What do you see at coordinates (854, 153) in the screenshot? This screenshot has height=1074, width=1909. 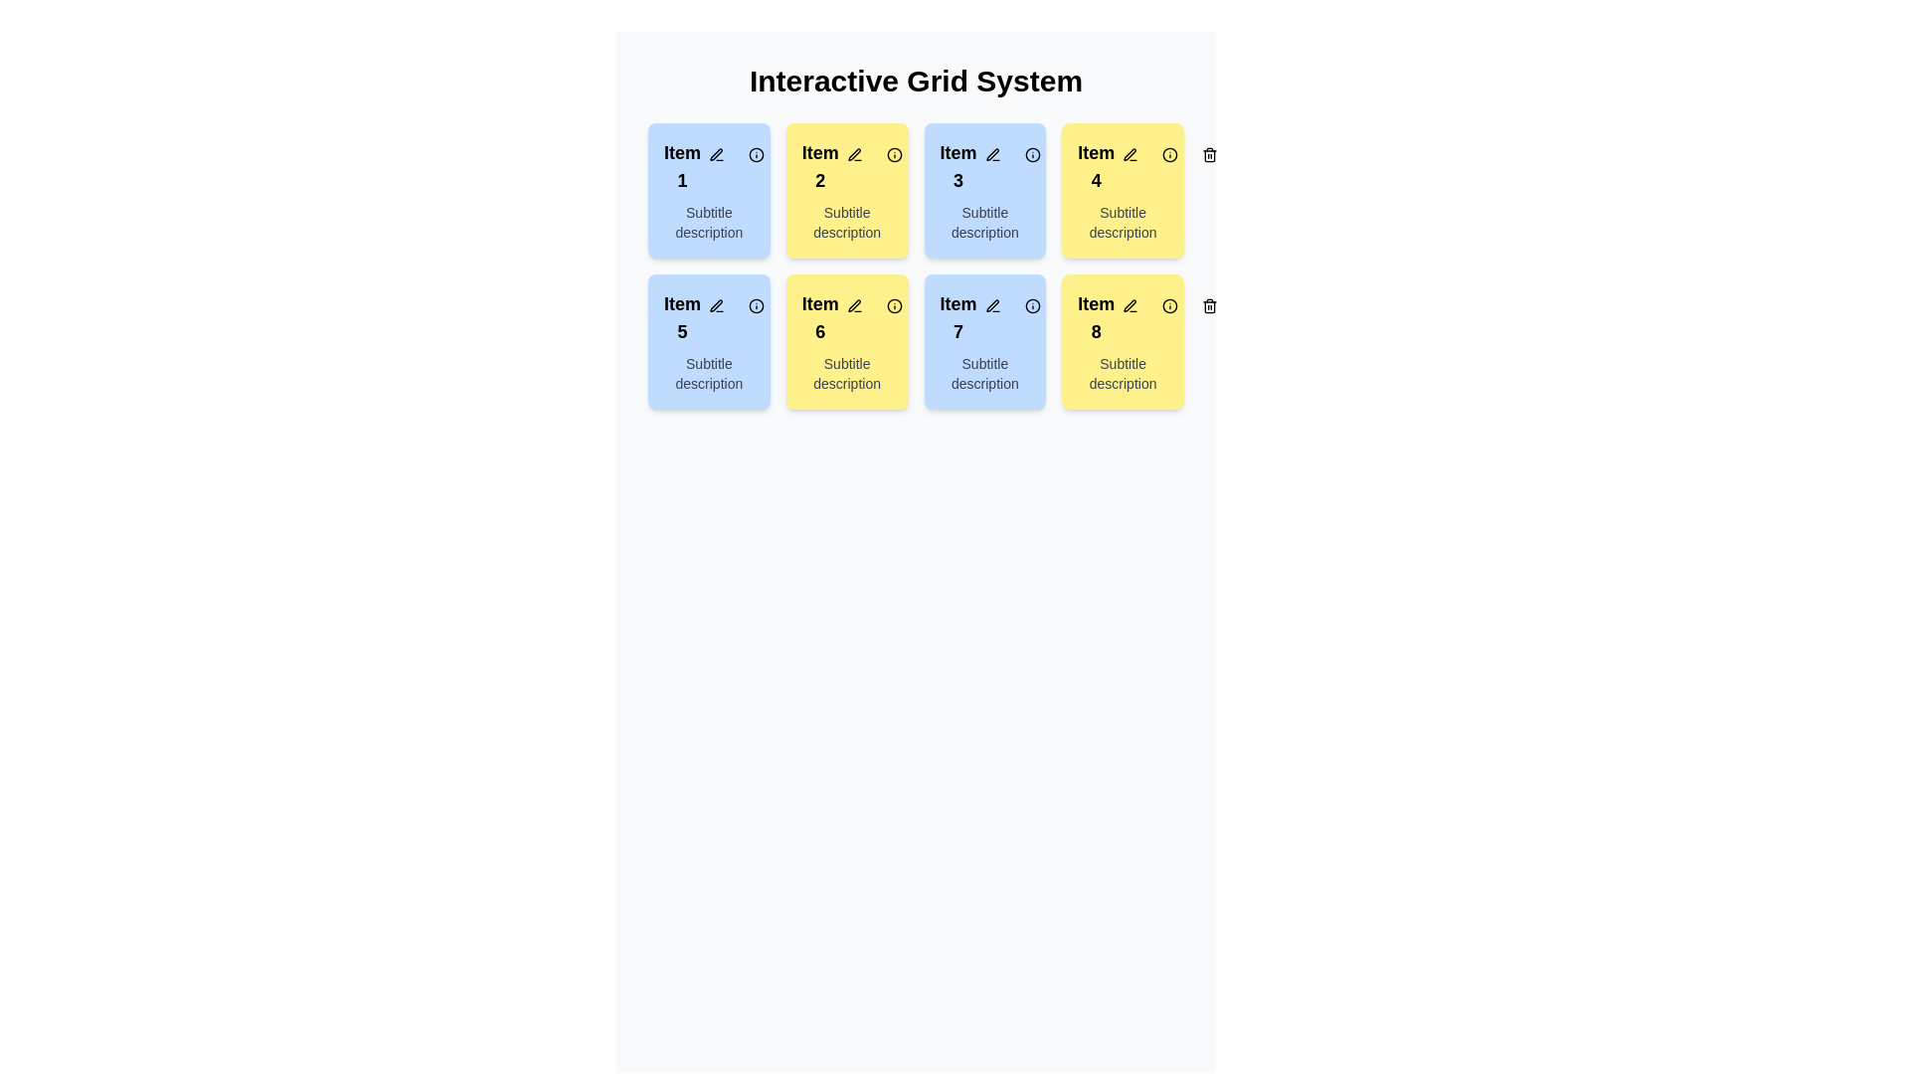 I see `the pen line icon button located on the right side of the 'Item 2' label, which triggers hover effects` at bounding box center [854, 153].